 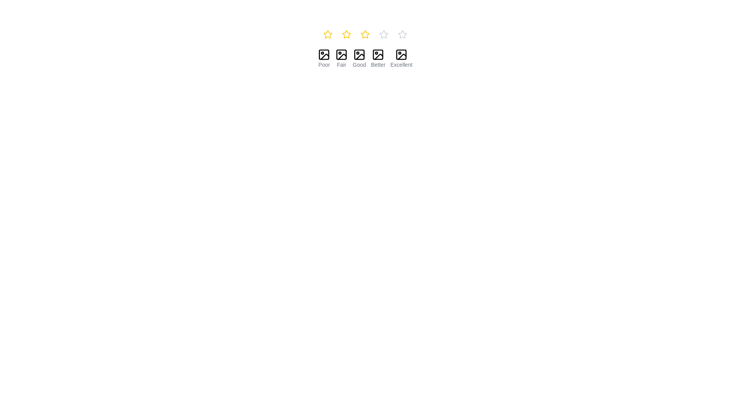 What do you see at coordinates (341, 54) in the screenshot?
I see `the 'Fair' rating icon, which is represented by an image with a diagonal line crossing it, located in the second position of a row of five rating icons` at bounding box center [341, 54].